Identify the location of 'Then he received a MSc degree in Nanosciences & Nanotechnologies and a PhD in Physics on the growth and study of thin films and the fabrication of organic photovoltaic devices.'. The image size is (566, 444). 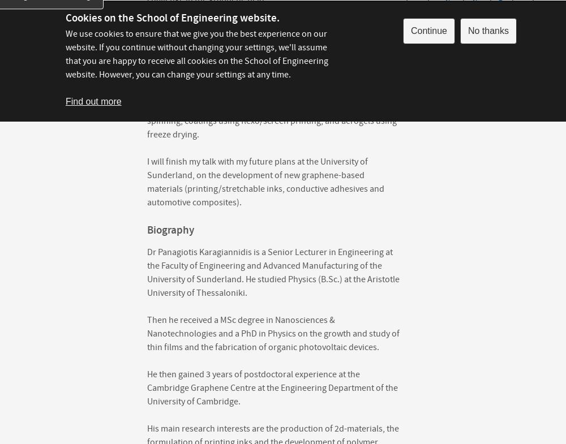
(147, 334).